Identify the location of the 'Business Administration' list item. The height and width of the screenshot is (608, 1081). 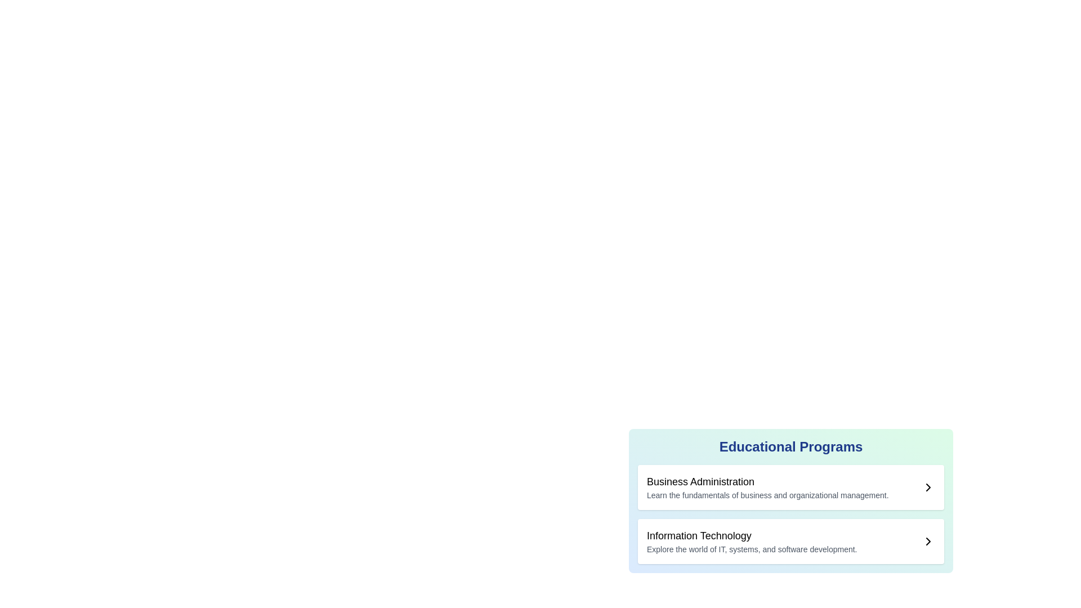
(790, 487).